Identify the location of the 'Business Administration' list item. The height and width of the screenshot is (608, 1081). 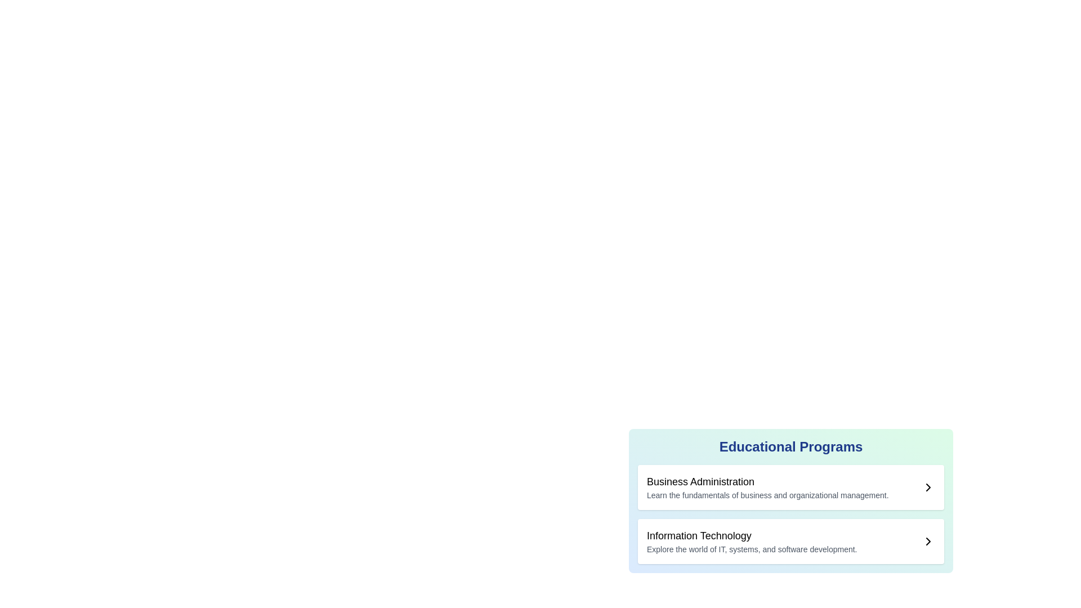
(790, 487).